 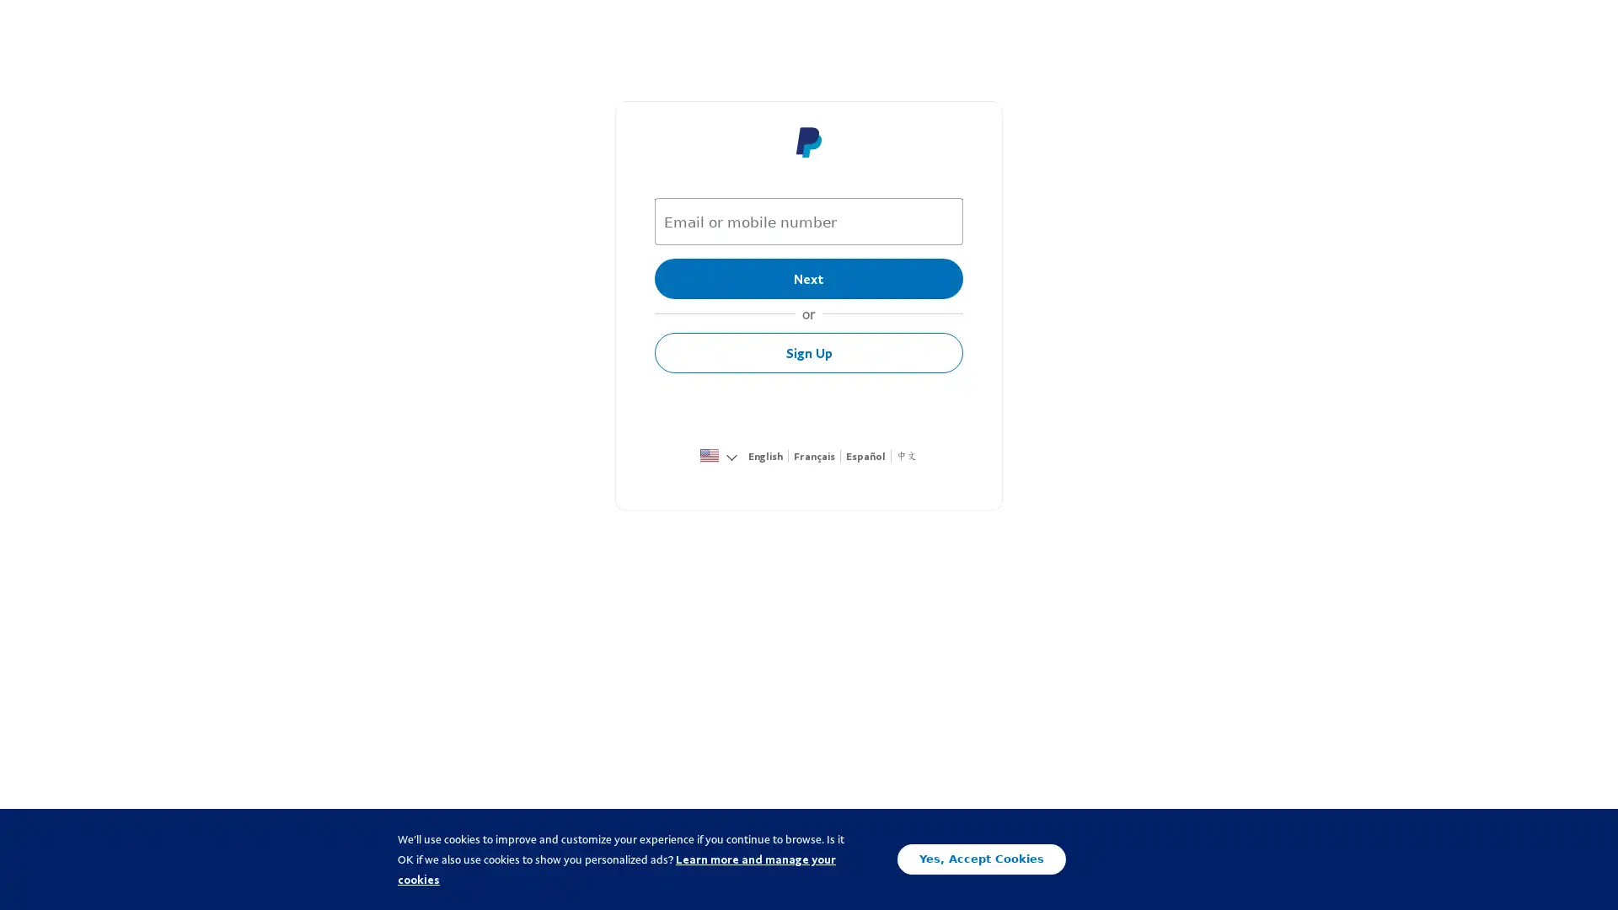 I want to click on Sign Up, so click(x=809, y=352).